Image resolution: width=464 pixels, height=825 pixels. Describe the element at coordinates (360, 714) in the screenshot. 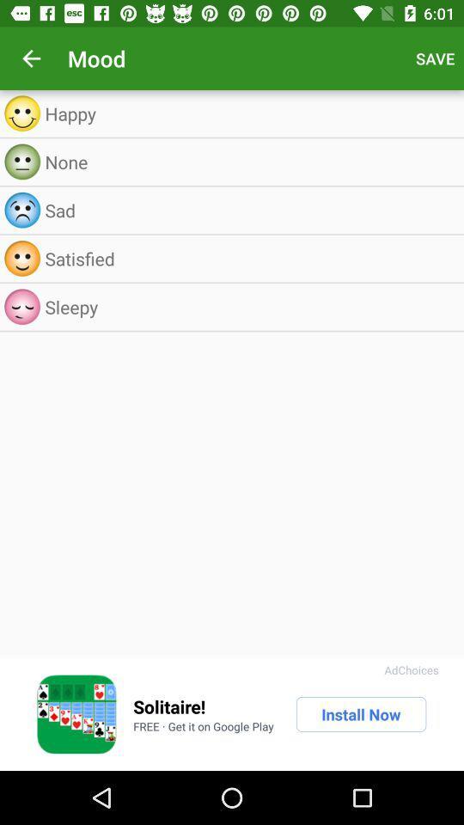

I see `item below adchoices app` at that location.